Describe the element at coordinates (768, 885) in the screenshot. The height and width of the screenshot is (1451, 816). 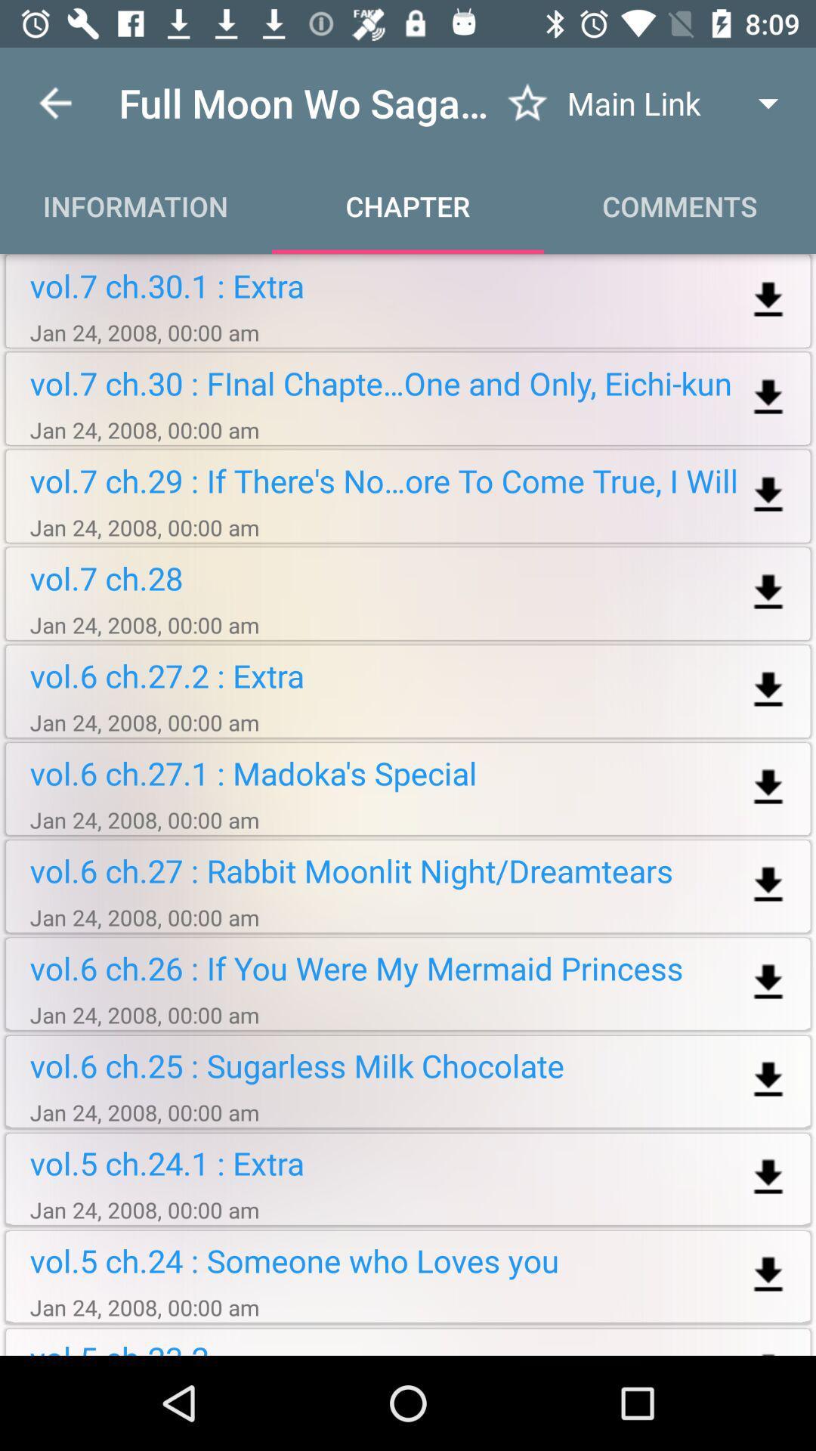
I see `download button` at that location.